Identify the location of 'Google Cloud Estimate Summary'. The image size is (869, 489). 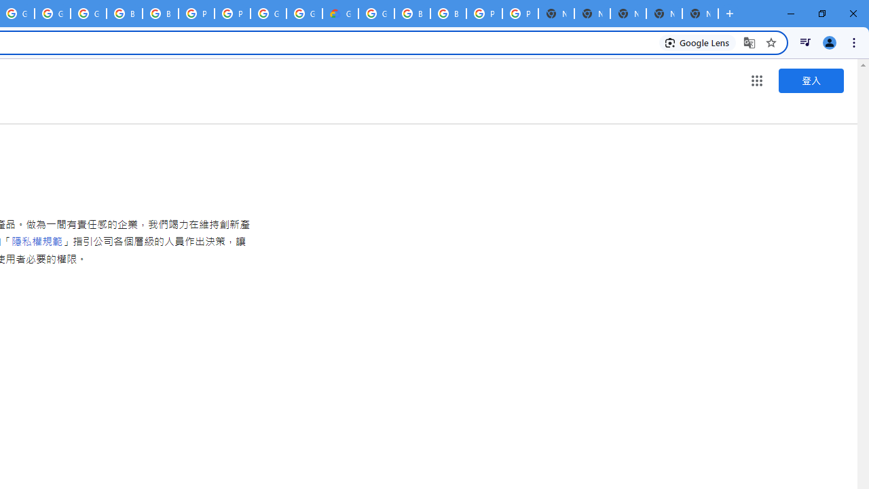
(340, 14).